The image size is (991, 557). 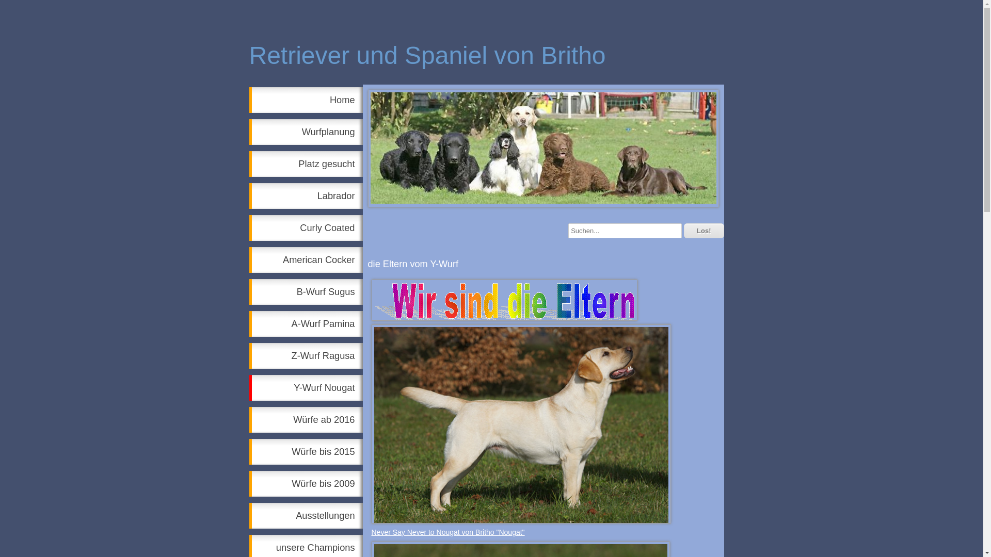 I want to click on 'Curly Coated', so click(x=305, y=227).